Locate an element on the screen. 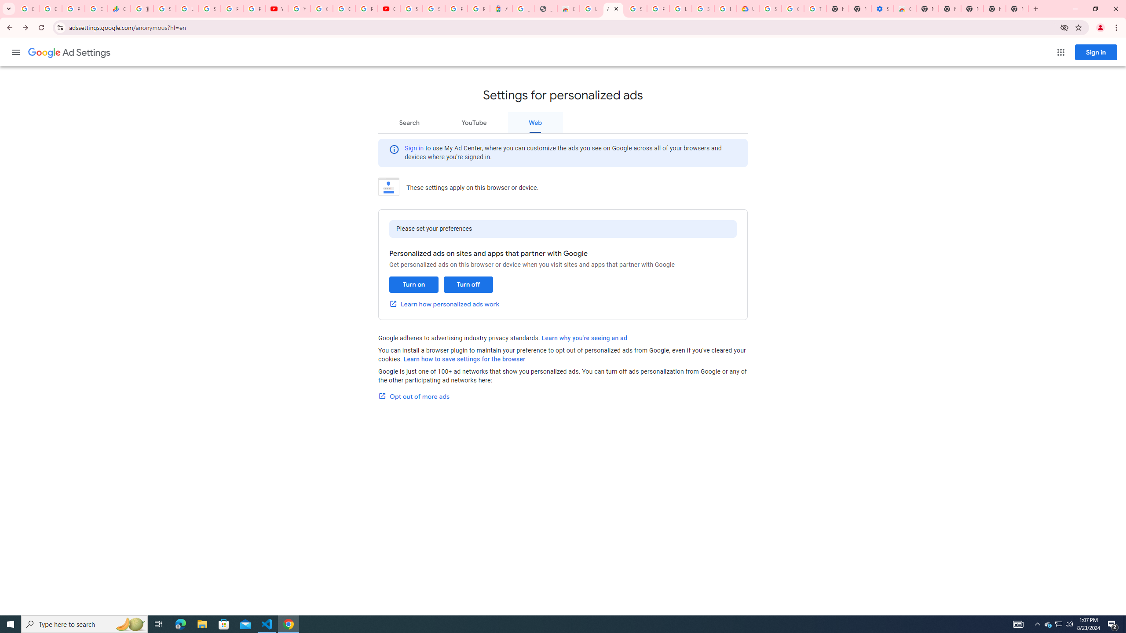 This screenshot has height=633, width=1126. 'New Tab' is located at coordinates (1016, 8).